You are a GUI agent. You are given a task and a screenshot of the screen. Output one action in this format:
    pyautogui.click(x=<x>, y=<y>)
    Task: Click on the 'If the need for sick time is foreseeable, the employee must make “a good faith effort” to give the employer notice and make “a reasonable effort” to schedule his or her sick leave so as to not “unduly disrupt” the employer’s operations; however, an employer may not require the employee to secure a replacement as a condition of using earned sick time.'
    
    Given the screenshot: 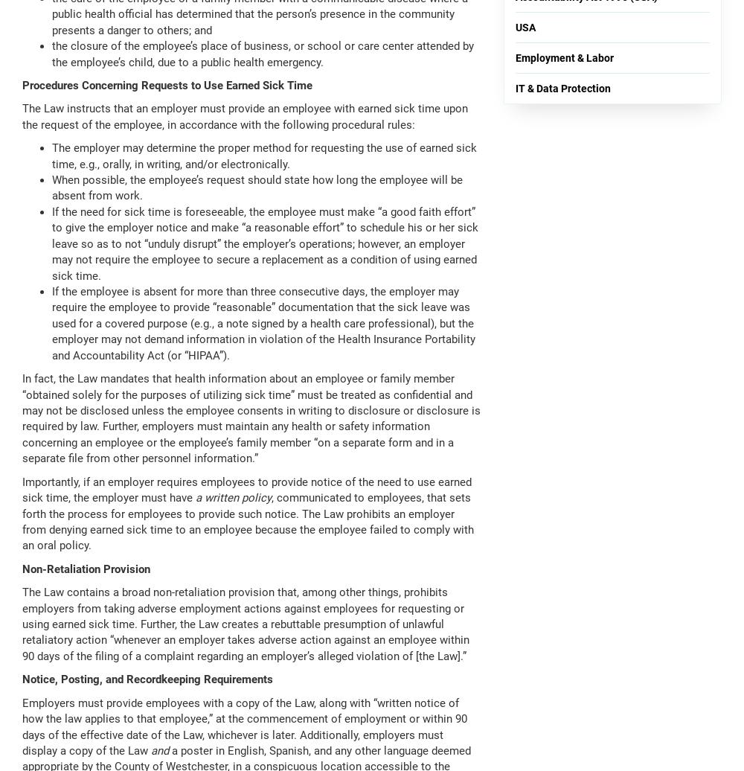 What is the action you would take?
    pyautogui.click(x=264, y=243)
    